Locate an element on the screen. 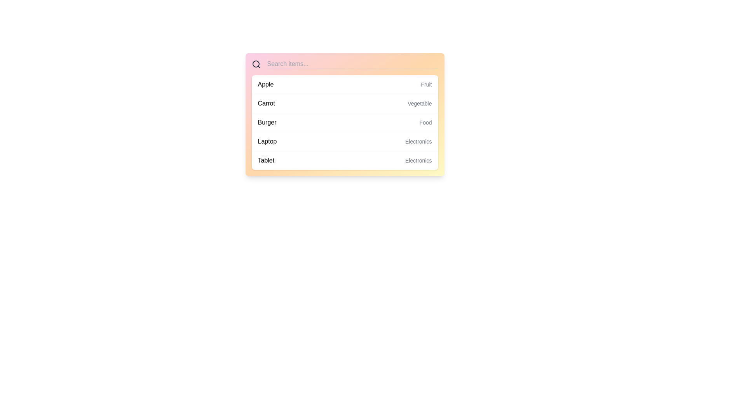 The image size is (746, 419). the third list item representing 'Burger' under the category 'Food' in the list is located at coordinates (344, 114).